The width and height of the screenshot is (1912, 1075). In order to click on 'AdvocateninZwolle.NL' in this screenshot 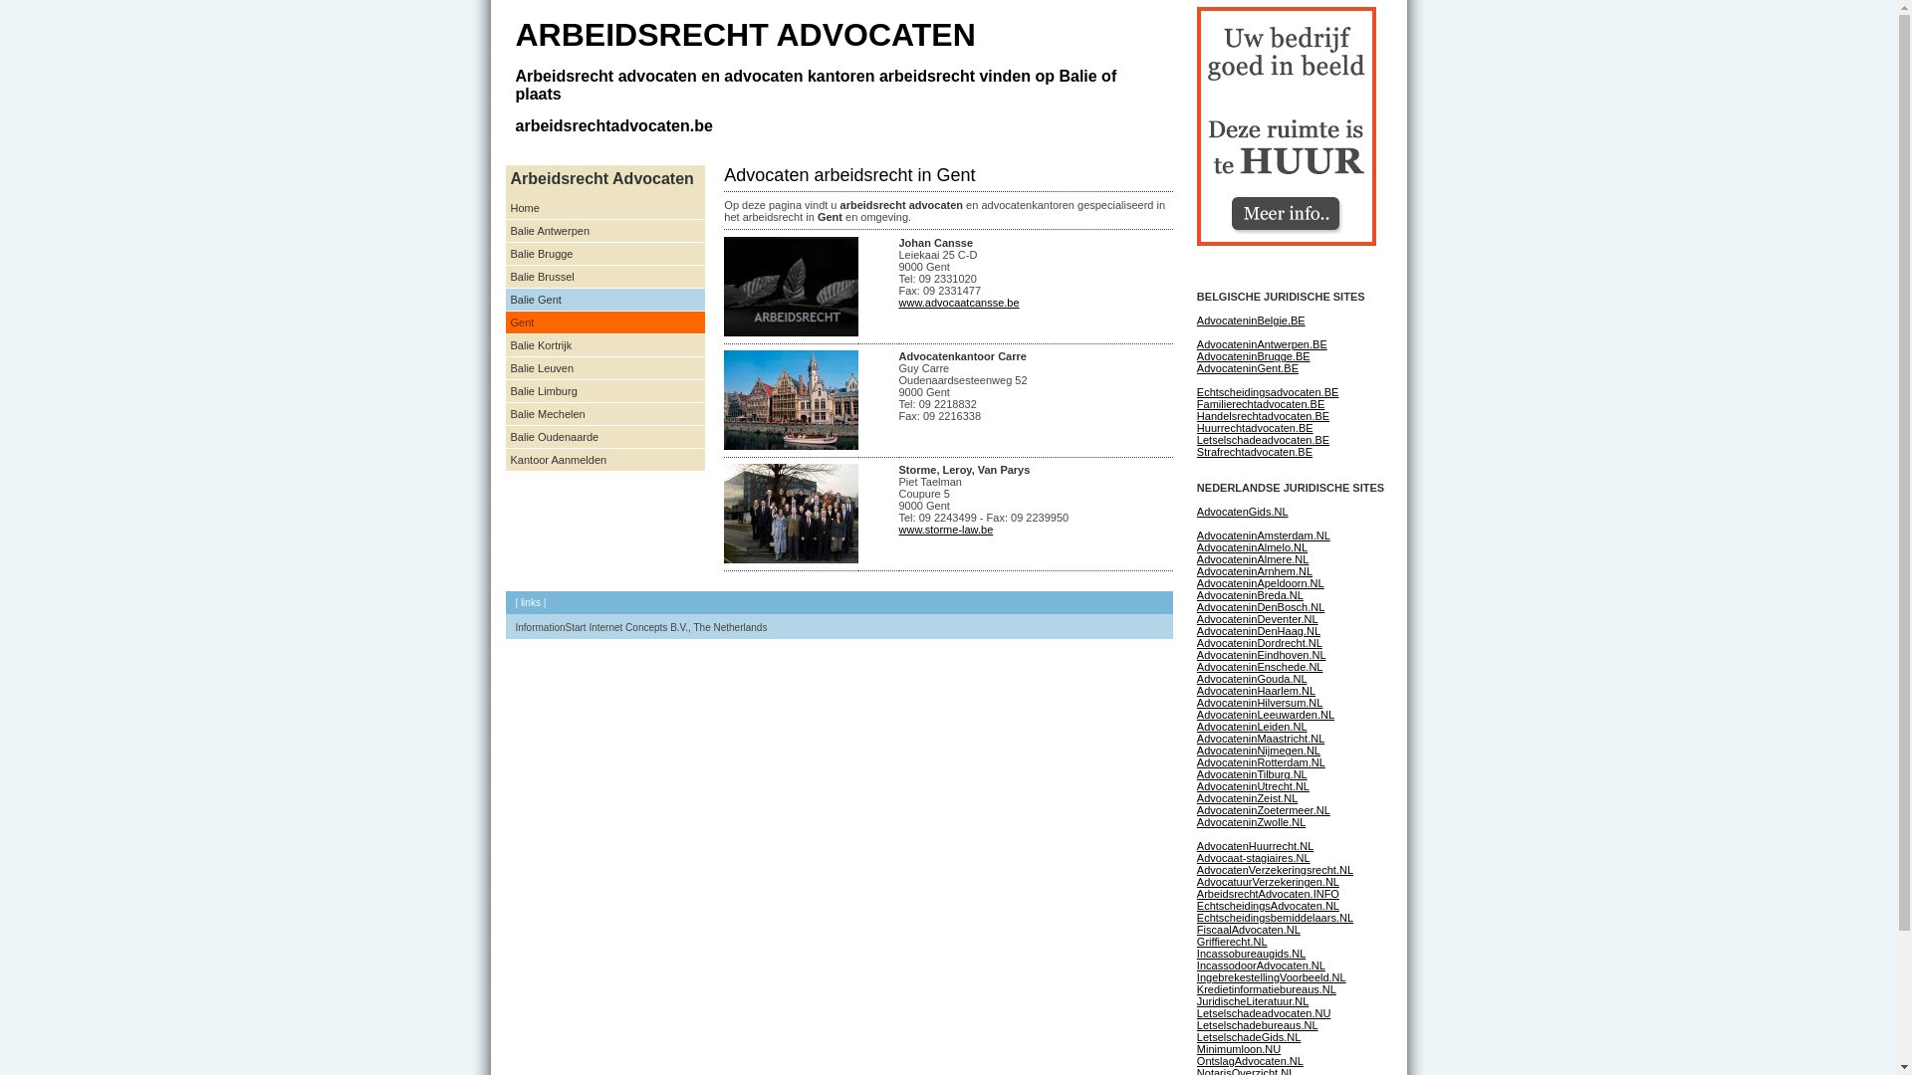, I will do `click(1195, 821)`.